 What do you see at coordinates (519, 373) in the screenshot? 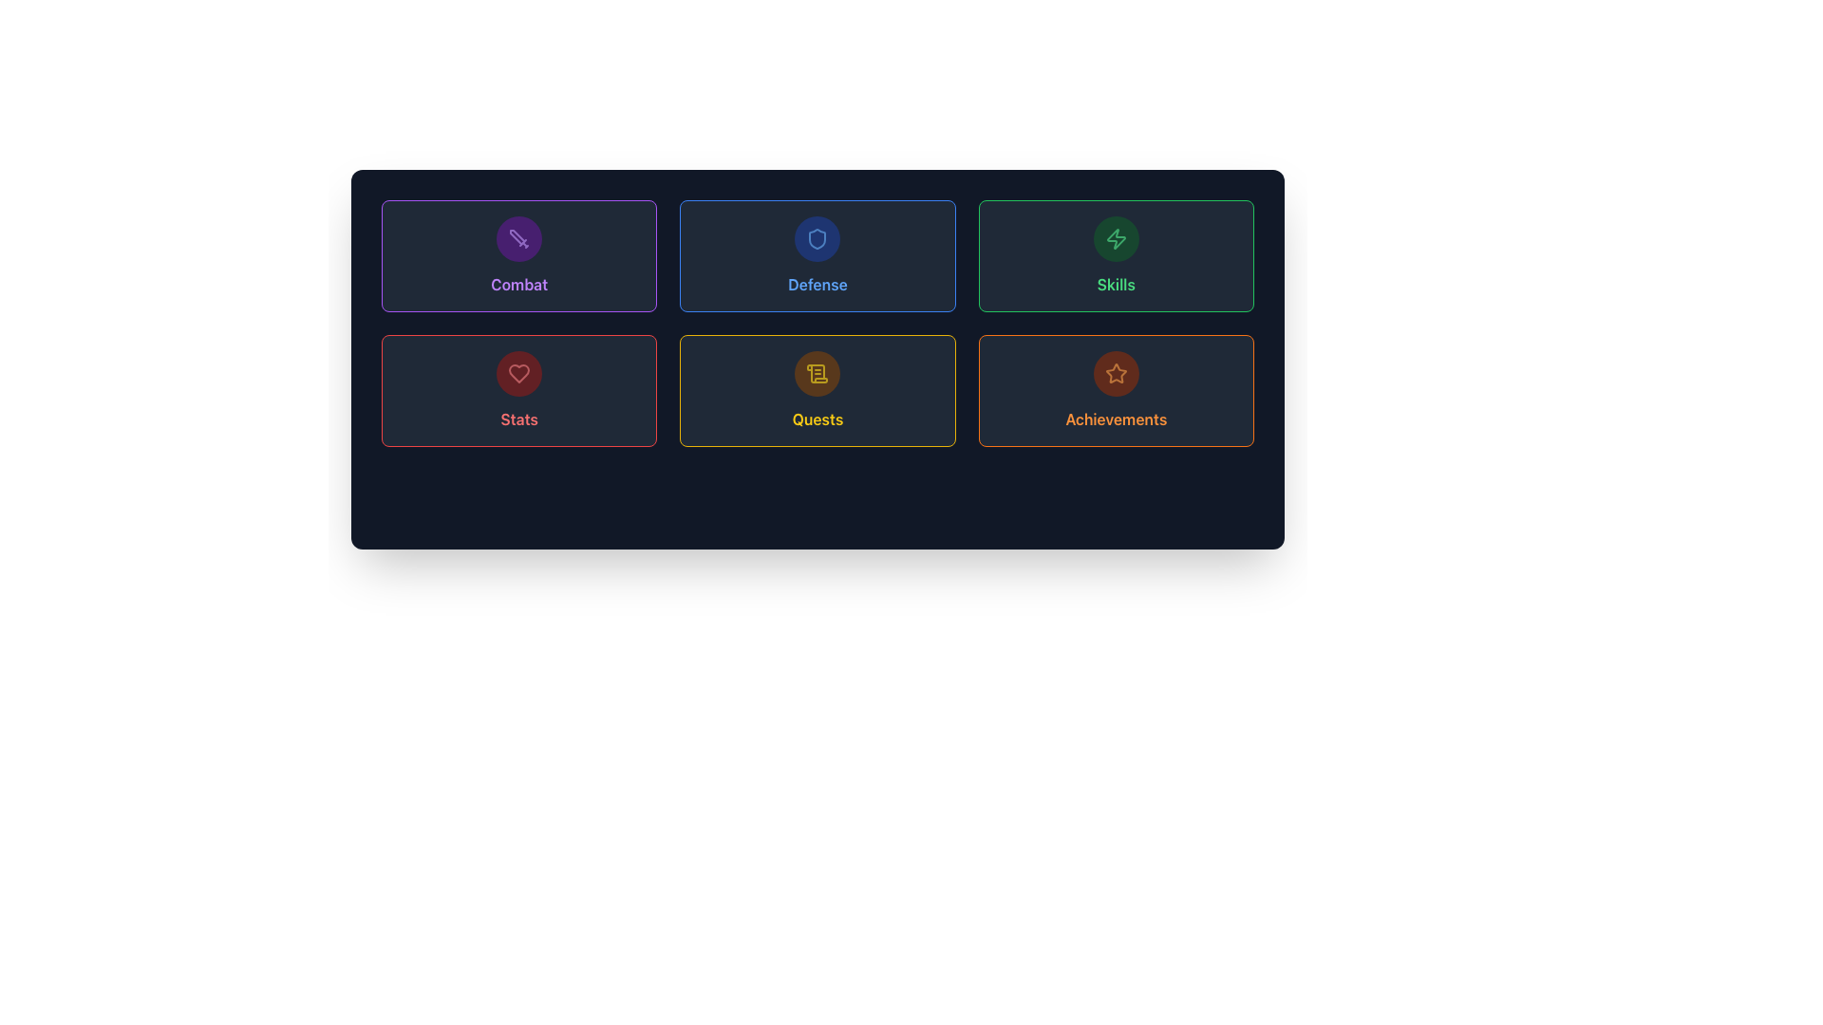
I see `the circular, pulsating red icon with a heart design, located centrally within the 'Stats' card in the bottom-left quadrant of the UI` at bounding box center [519, 373].